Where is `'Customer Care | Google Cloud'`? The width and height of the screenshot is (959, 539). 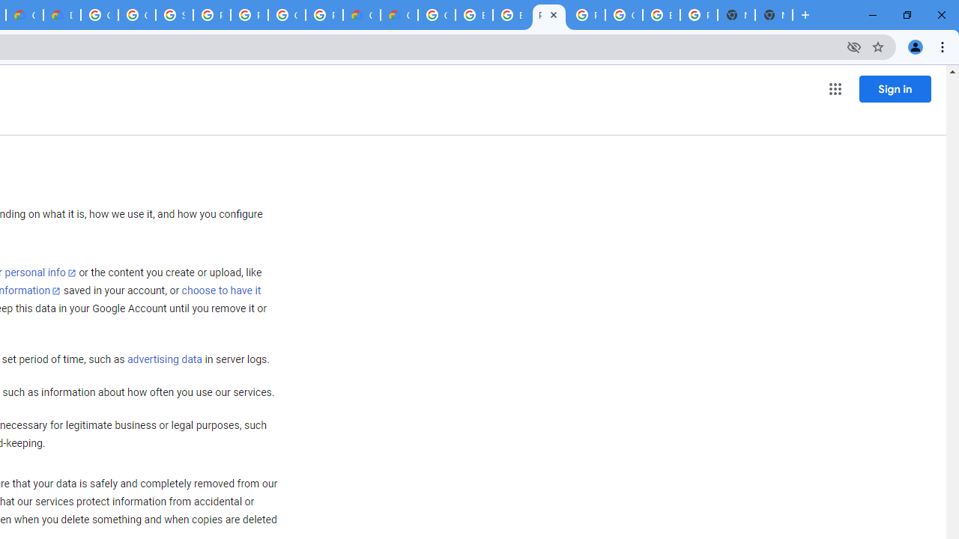 'Customer Care | Google Cloud' is located at coordinates (362, 15).